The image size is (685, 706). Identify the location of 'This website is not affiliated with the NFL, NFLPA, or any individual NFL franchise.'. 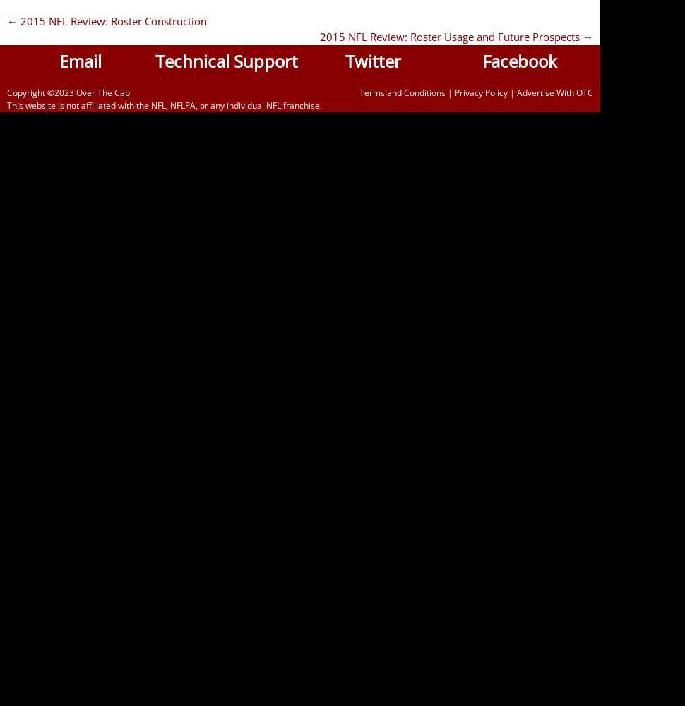
(164, 104).